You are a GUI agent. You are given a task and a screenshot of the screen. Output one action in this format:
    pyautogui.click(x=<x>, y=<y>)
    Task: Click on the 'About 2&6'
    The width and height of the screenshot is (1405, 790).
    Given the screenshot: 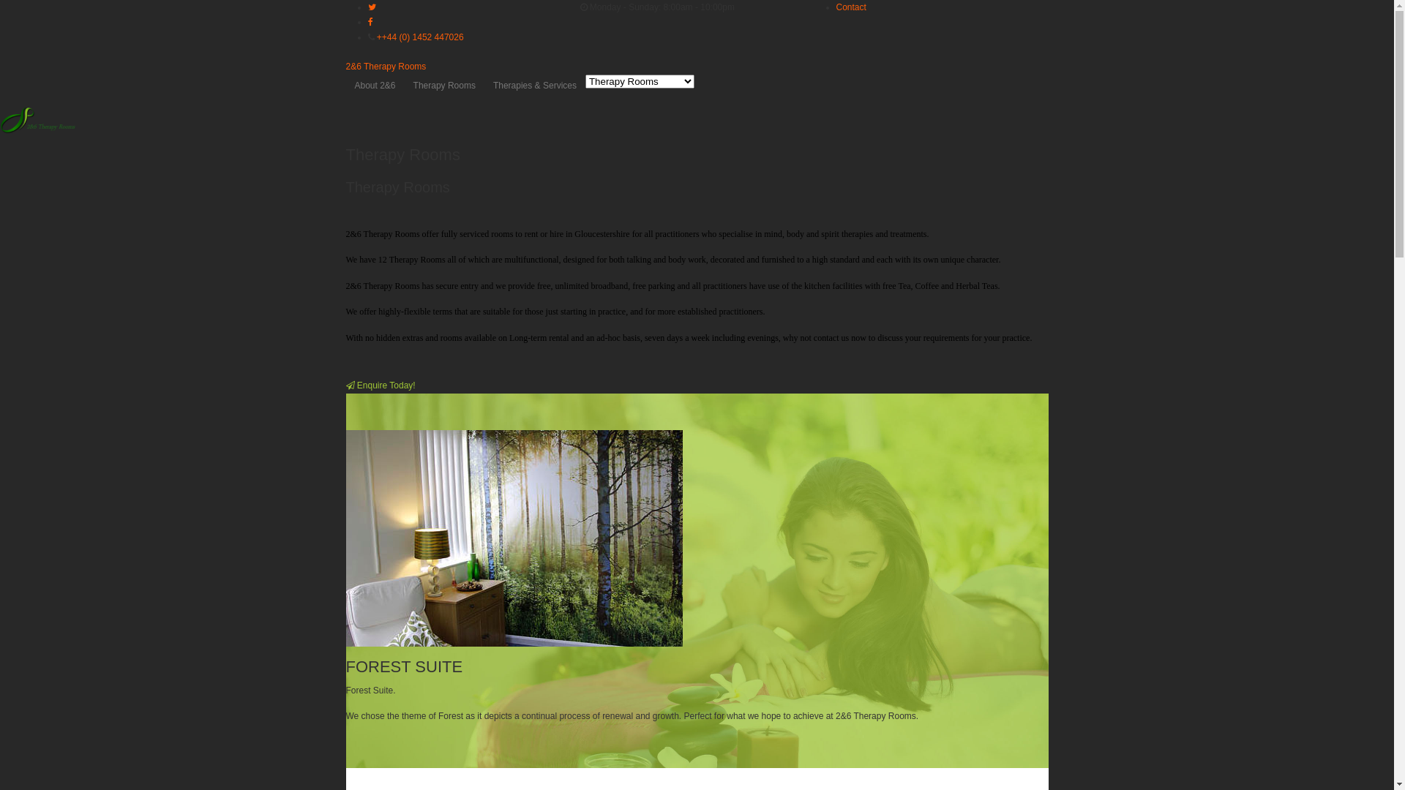 What is the action you would take?
    pyautogui.click(x=375, y=85)
    